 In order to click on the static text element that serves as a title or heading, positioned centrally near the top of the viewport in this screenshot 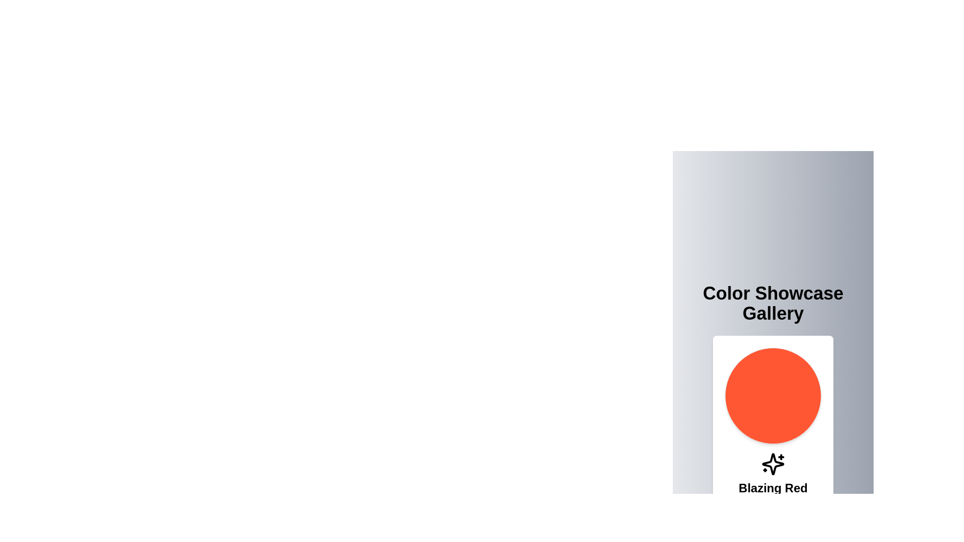, I will do `click(773, 303)`.